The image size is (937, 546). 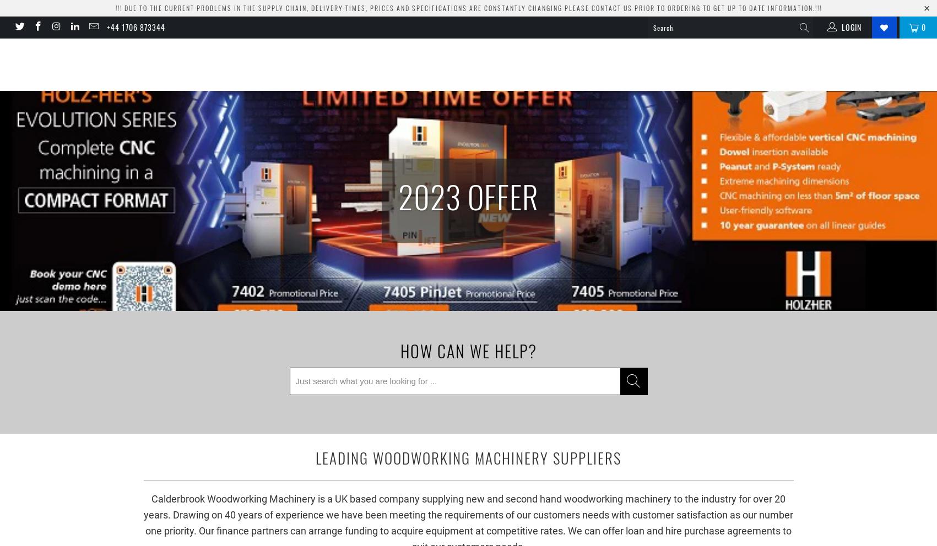 I want to click on 'I-Make', so click(x=794, y=63).